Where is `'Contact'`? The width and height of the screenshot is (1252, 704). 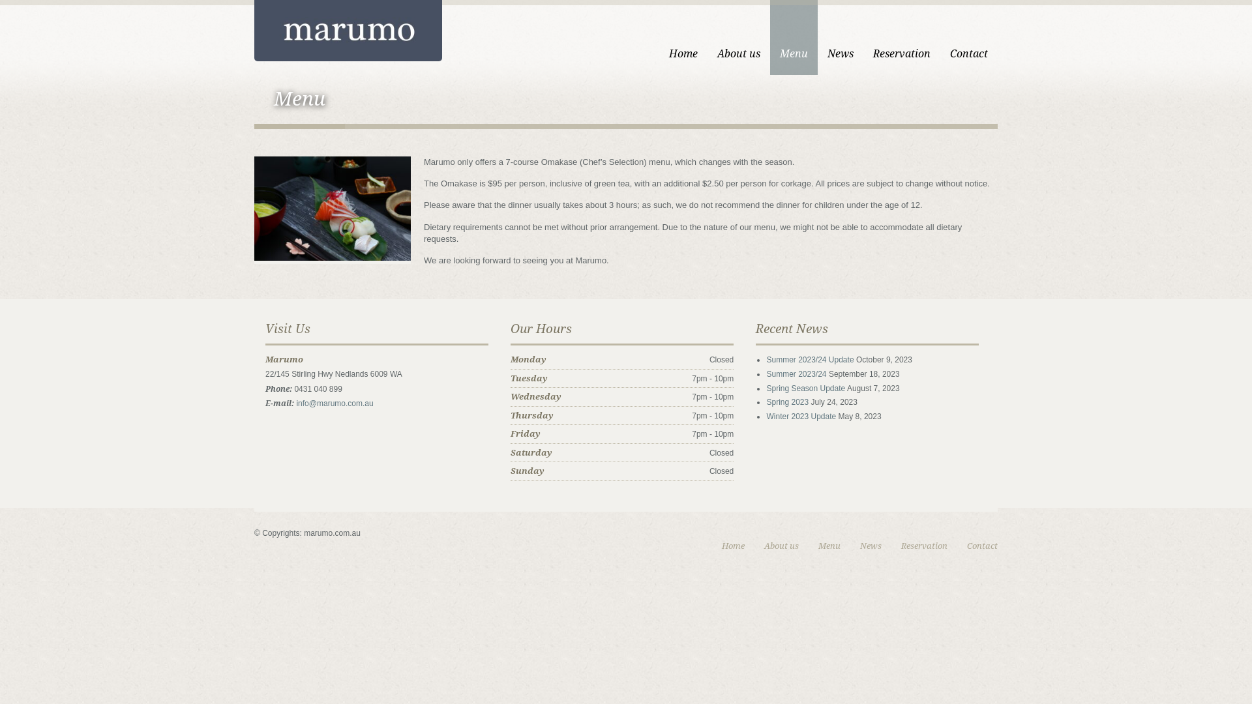 'Contact' is located at coordinates (982, 546).